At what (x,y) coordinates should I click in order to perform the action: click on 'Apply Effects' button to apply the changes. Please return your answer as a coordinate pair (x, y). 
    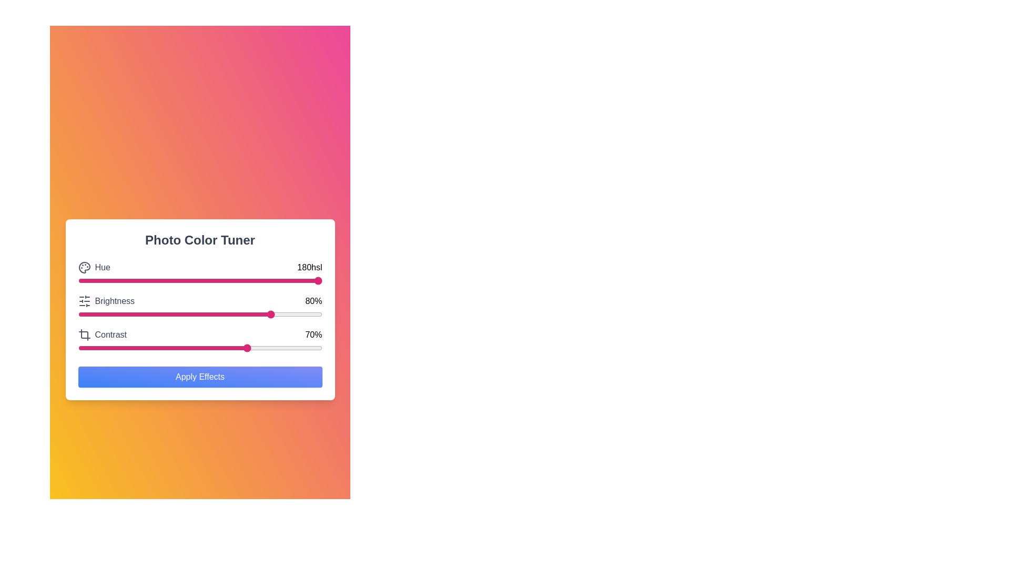
    Looking at the image, I should click on (200, 377).